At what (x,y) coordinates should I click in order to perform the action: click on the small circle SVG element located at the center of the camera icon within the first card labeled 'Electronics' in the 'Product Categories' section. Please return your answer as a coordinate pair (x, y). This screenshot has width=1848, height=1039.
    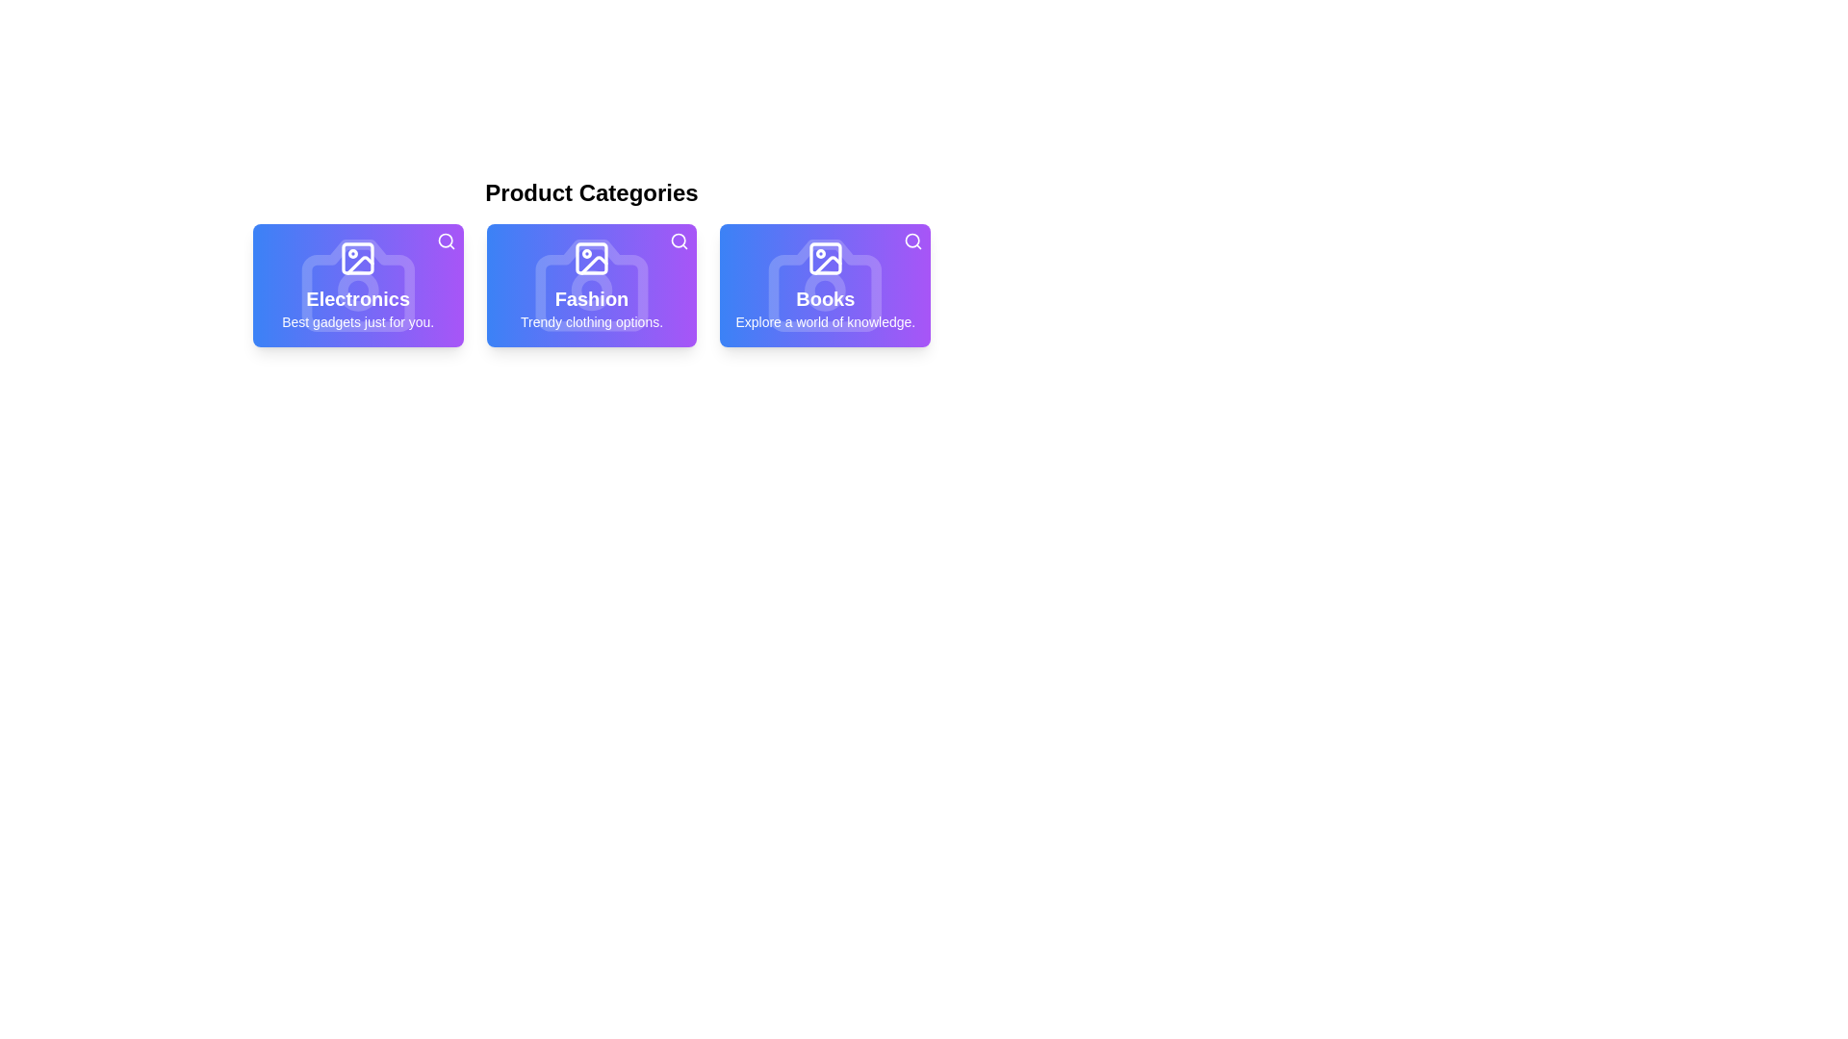
    Looking at the image, I should click on (358, 291).